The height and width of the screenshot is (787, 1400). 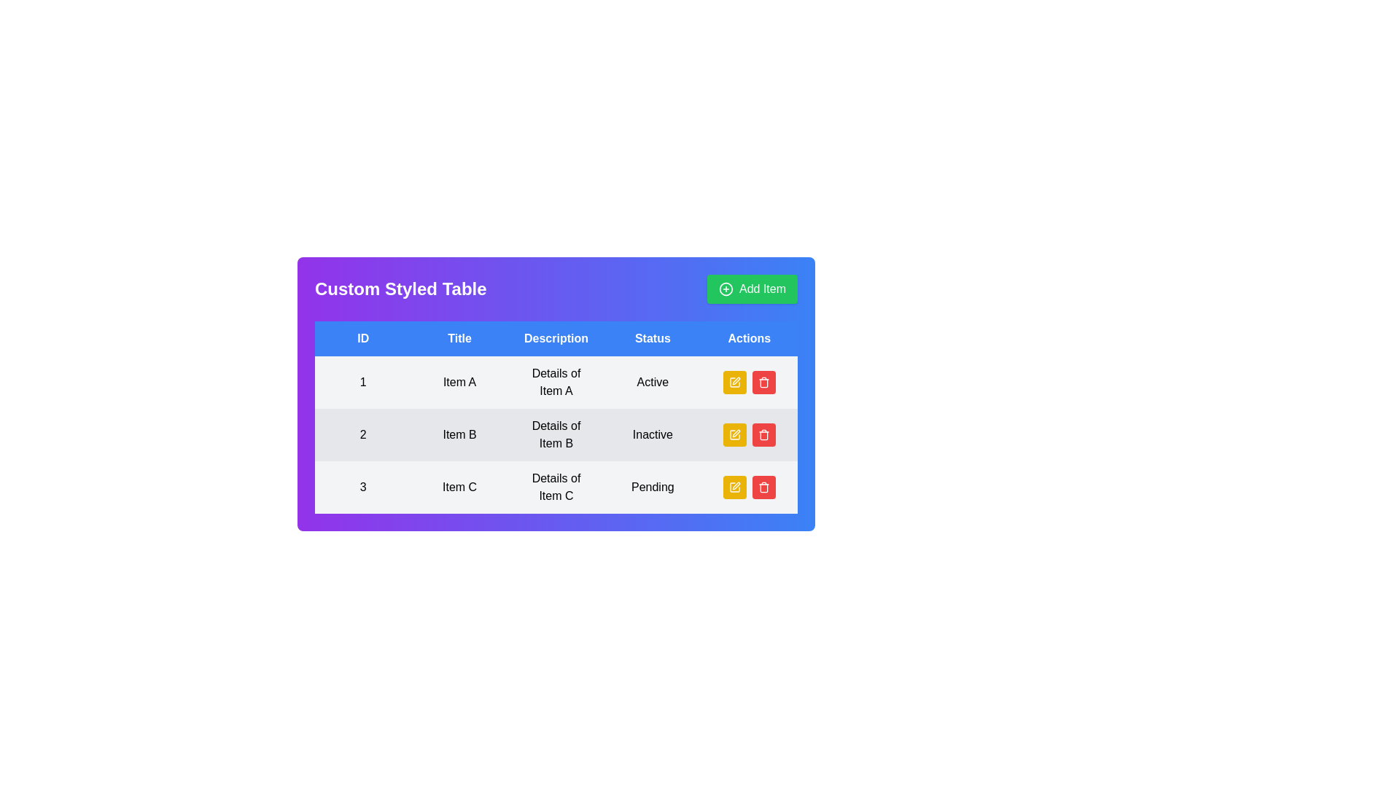 What do you see at coordinates (763, 434) in the screenshot?
I see `the delete button with an icon in the 'Actions' column of the table row corresponding to Item B` at bounding box center [763, 434].